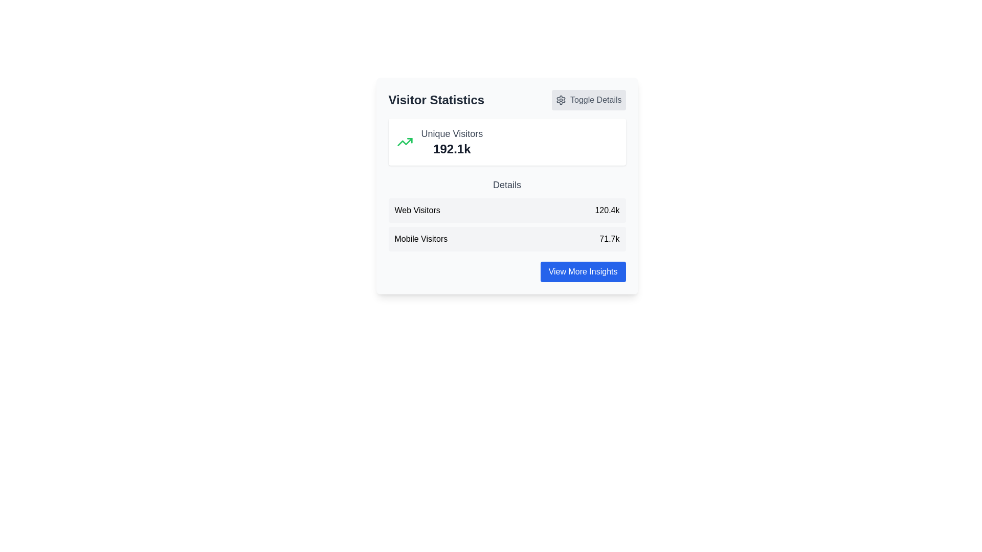 This screenshot has height=552, width=982. What do you see at coordinates (507, 210) in the screenshot?
I see `the Information display panel that shows statistical data related to website traffic, located in the first row of the 'Details' section under 'Visitor Statistics'` at bounding box center [507, 210].